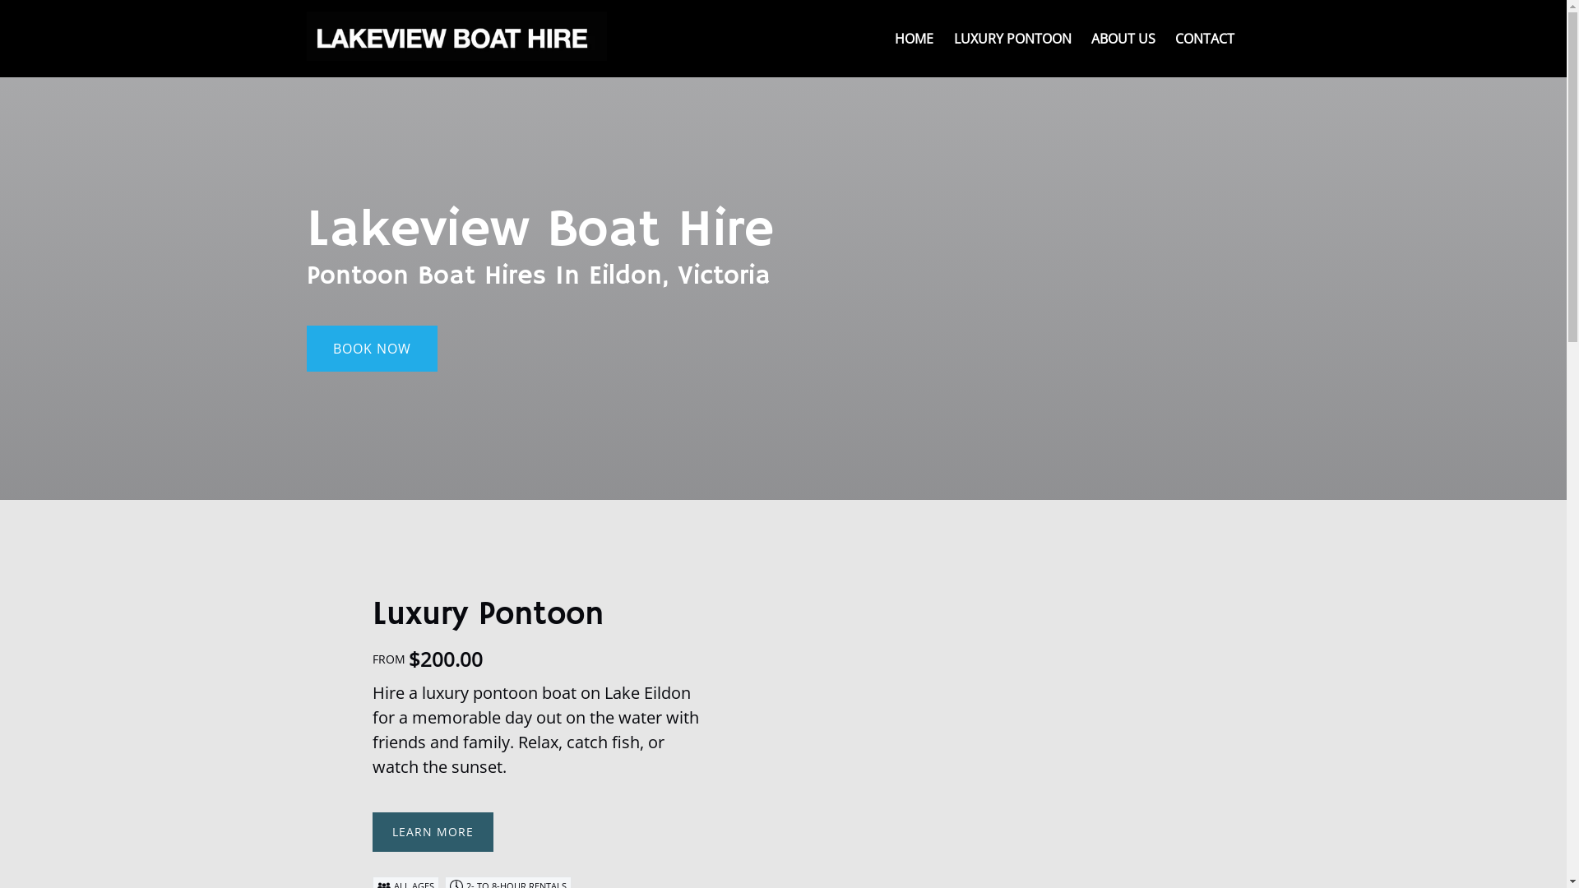 This screenshot has height=888, width=1579. Describe the element at coordinates (1204, 37) in the screenshot. I see `'CONTACT'` at that location.